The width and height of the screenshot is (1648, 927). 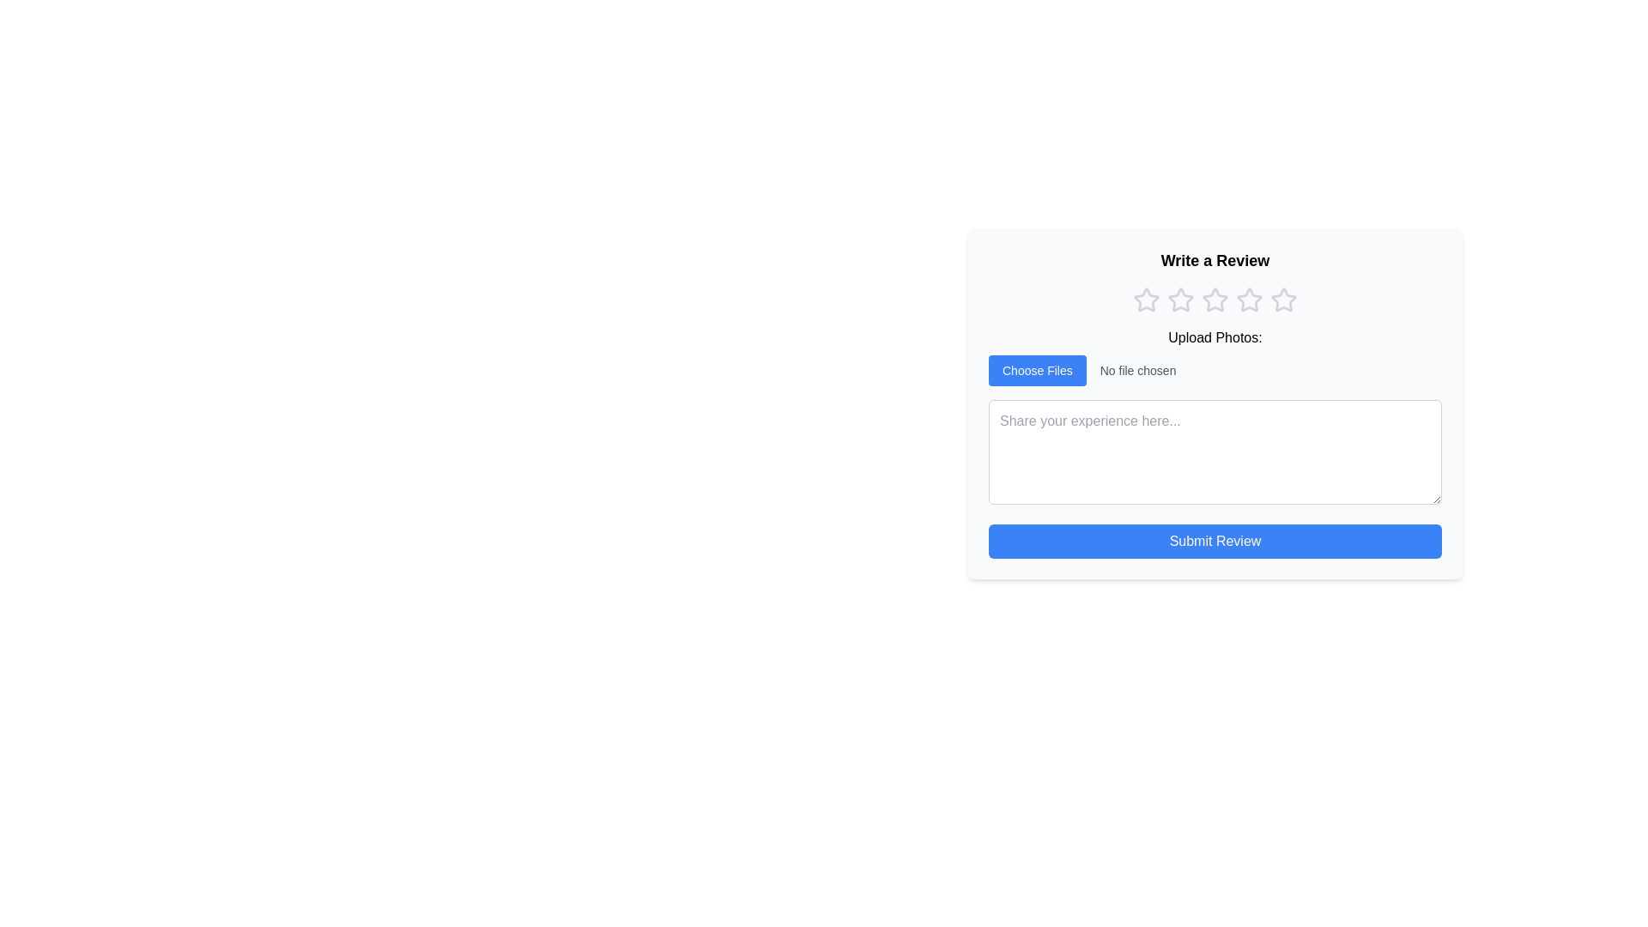 I want to click on the third star in the rating system, so click(x=1215, y=300).